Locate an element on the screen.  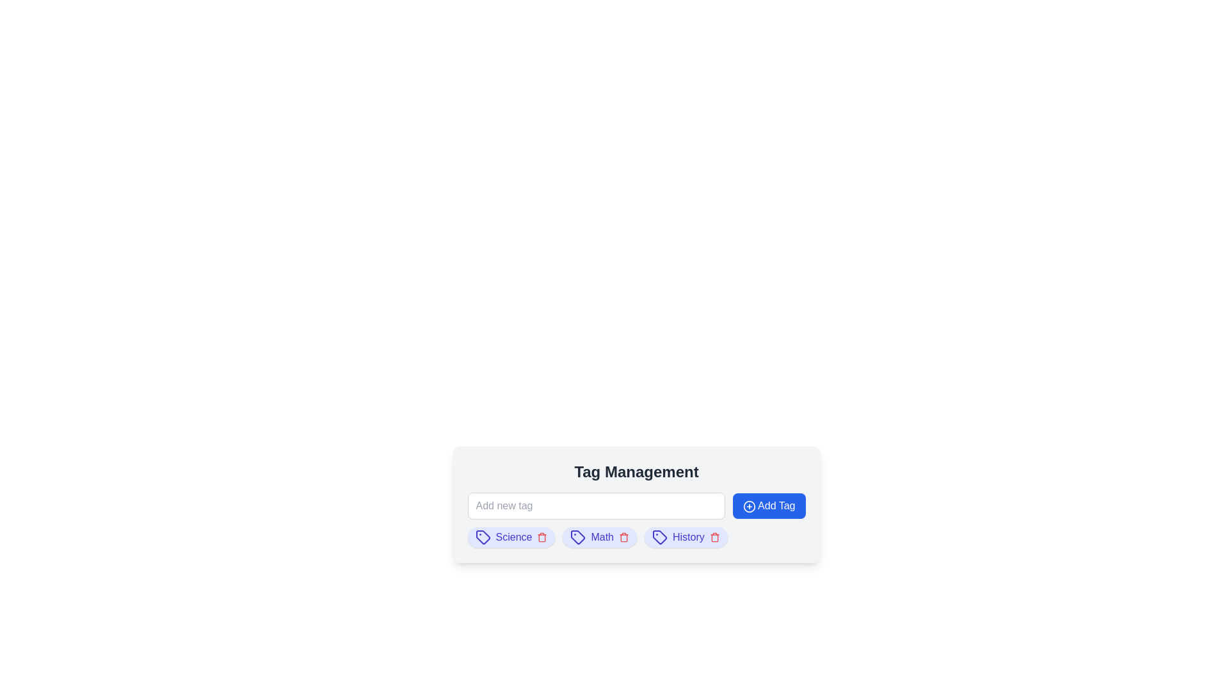
the blue outlined tag icon located to the left of the 'Math' text within the rounded rectangular label in the 'Tag Management' section is located at coordinates (577, 537).